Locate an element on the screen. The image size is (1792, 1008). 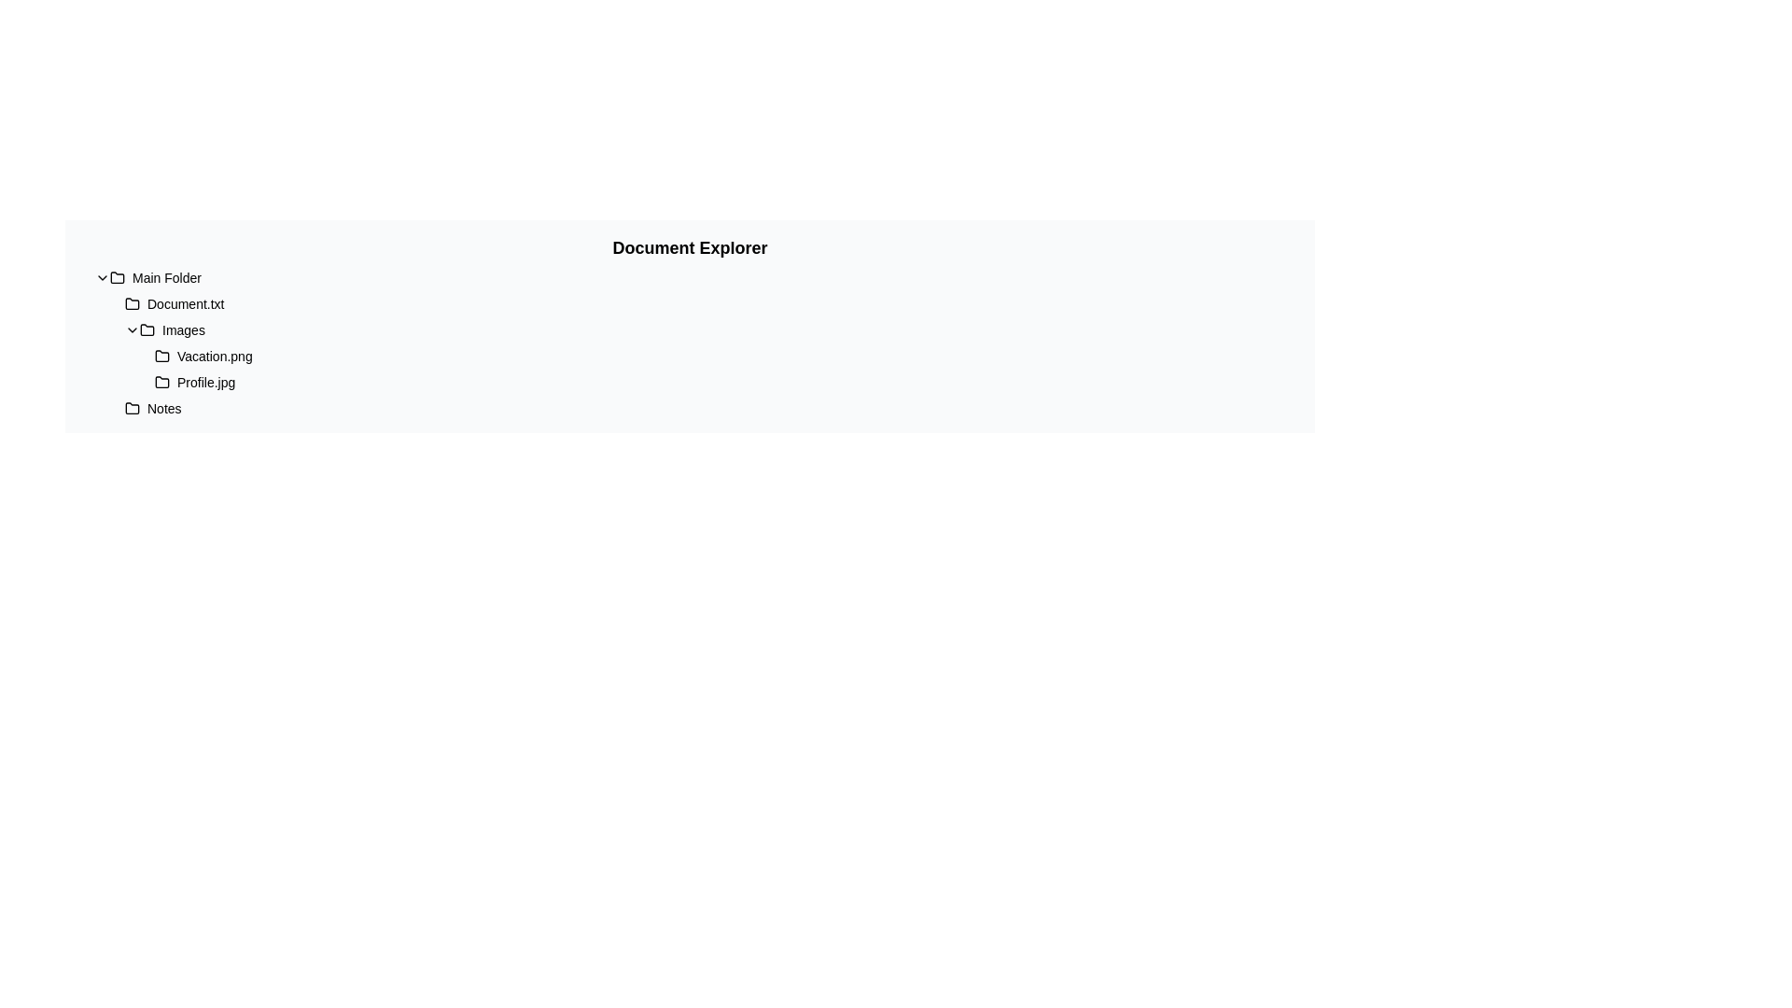
the 'Notes' text label in the navigation tree is located at coordinates (164, 408).